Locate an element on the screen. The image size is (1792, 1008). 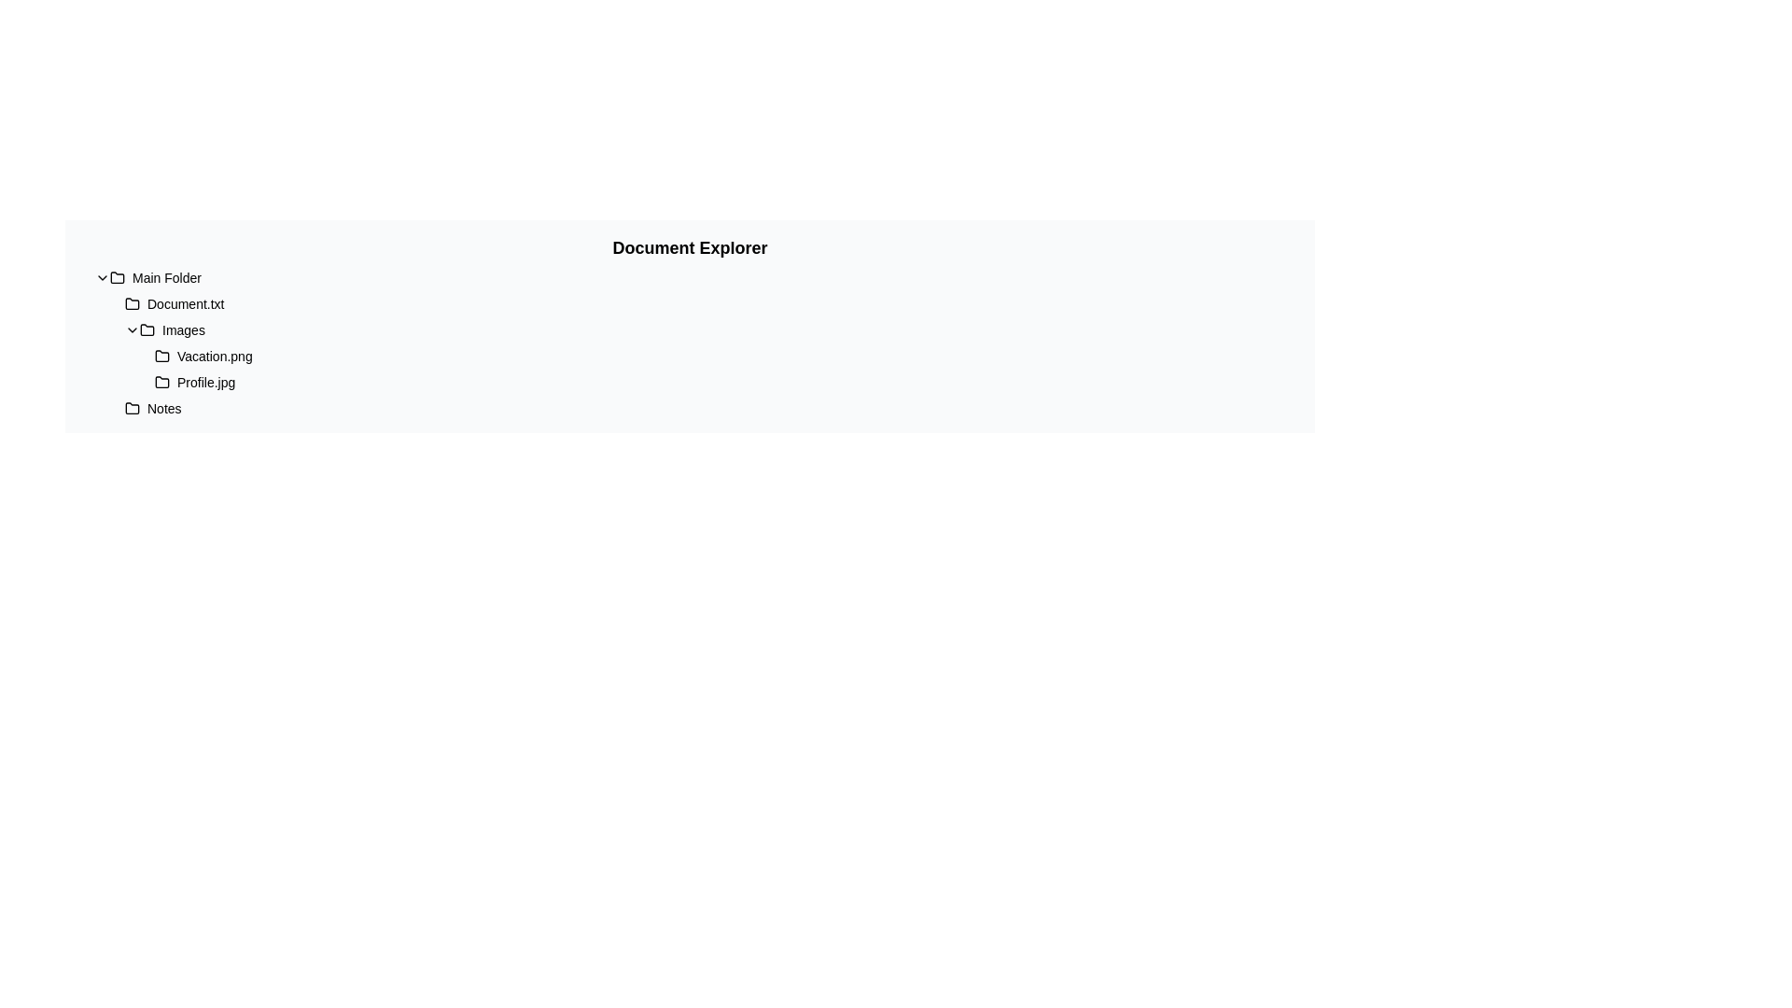
the 'Notes' text label in the navigation tree is located at coordinates (164, 408).